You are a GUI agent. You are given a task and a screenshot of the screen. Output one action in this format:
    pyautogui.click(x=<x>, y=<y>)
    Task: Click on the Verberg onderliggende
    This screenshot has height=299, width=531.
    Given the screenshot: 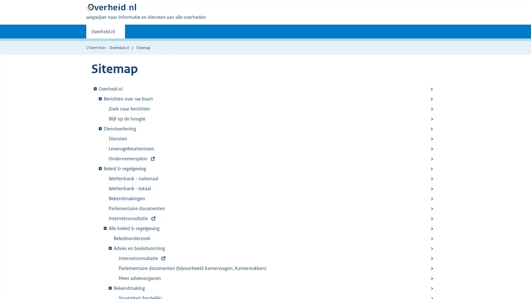 What is the action you would take?
    pyautogui.click(x=100, y=168)
    